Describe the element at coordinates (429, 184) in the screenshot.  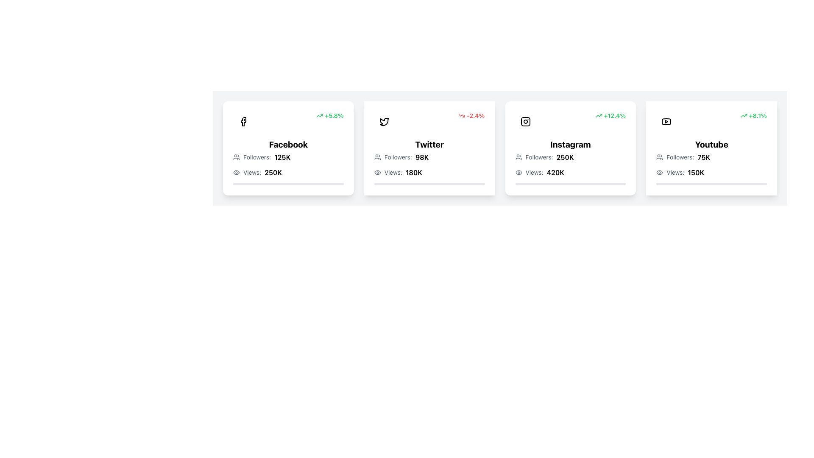
I see `the progress bar located under the 'Views: 180K' text in the second Twitter card, which is a thin, rounded rectangle with a light gray background and a filled sky blue portion indicating progress` at that location.